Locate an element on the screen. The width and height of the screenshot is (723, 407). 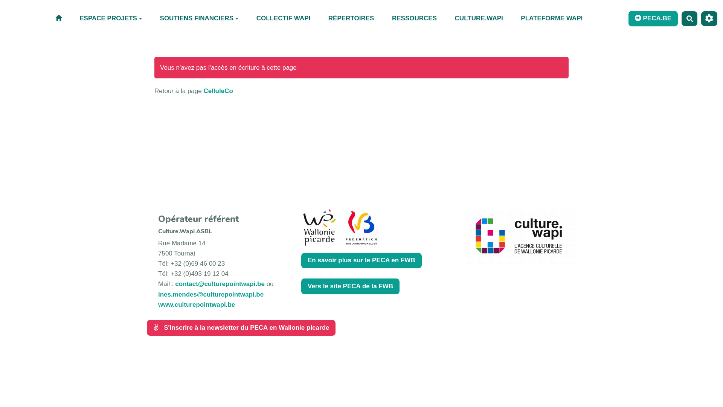
'CULTURE.WAPI' is located at coordinates (479, 18).